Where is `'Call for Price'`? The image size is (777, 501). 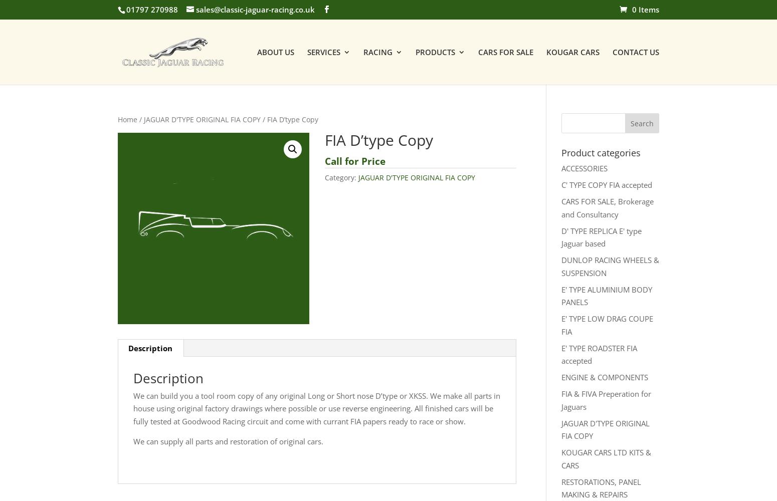
'Call for Price' is located at coordinates (355, 160).